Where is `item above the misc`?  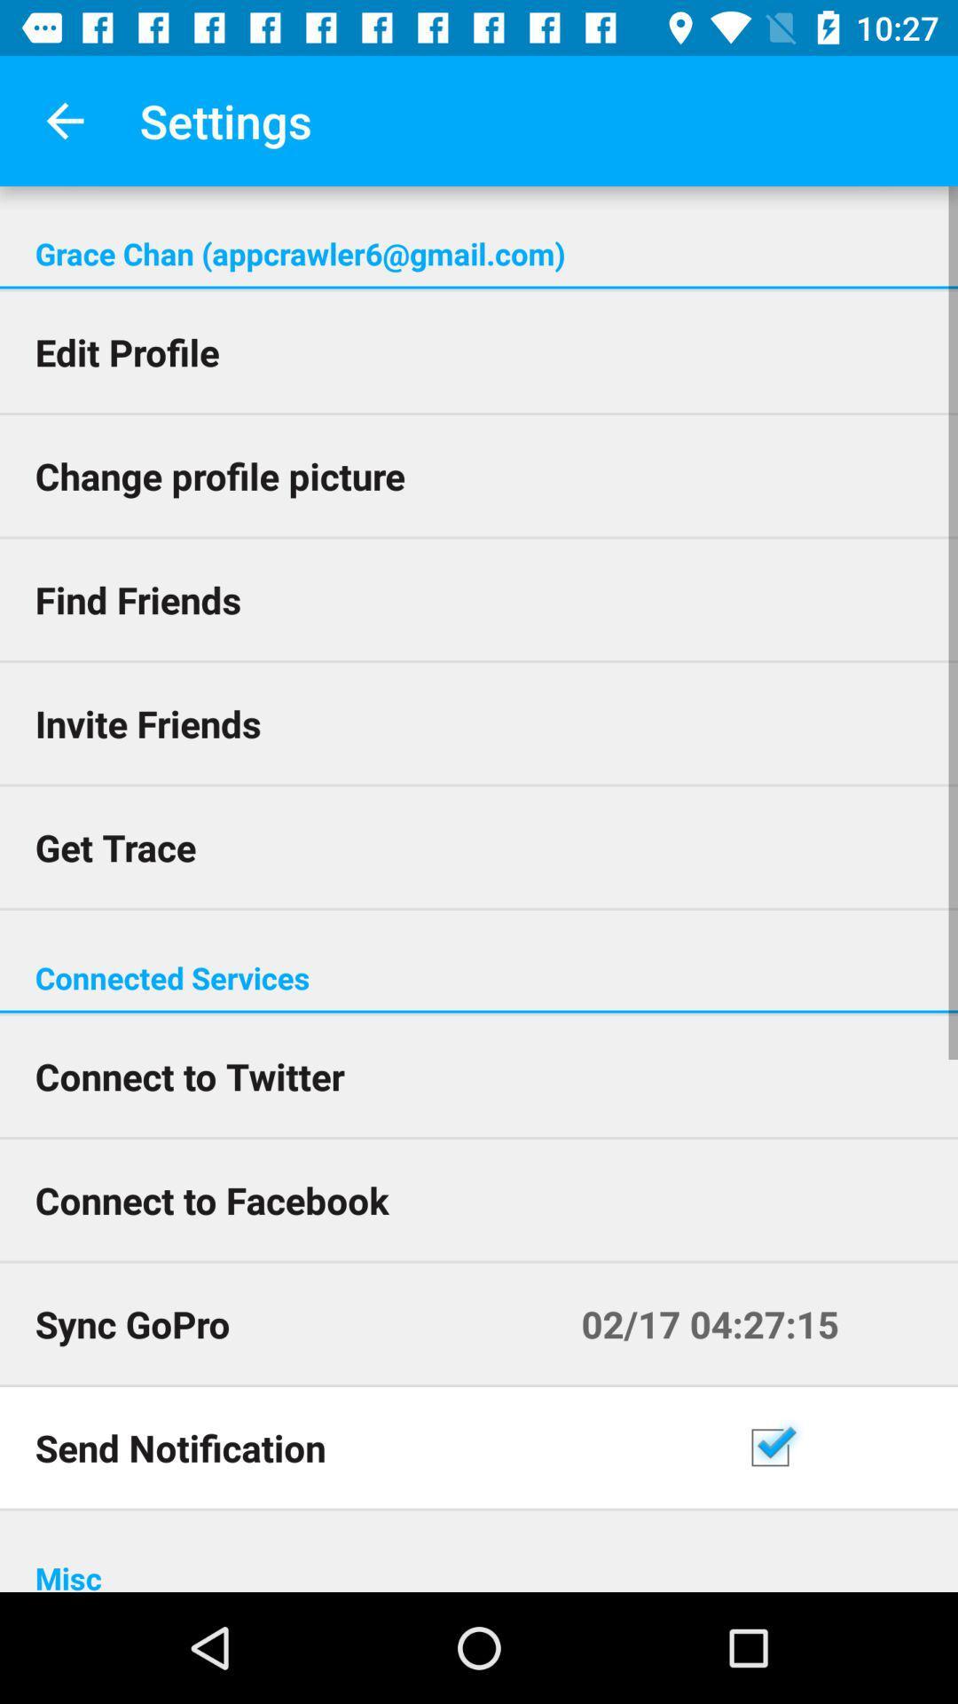
item above the misc is located at coordinates (844, 1448).